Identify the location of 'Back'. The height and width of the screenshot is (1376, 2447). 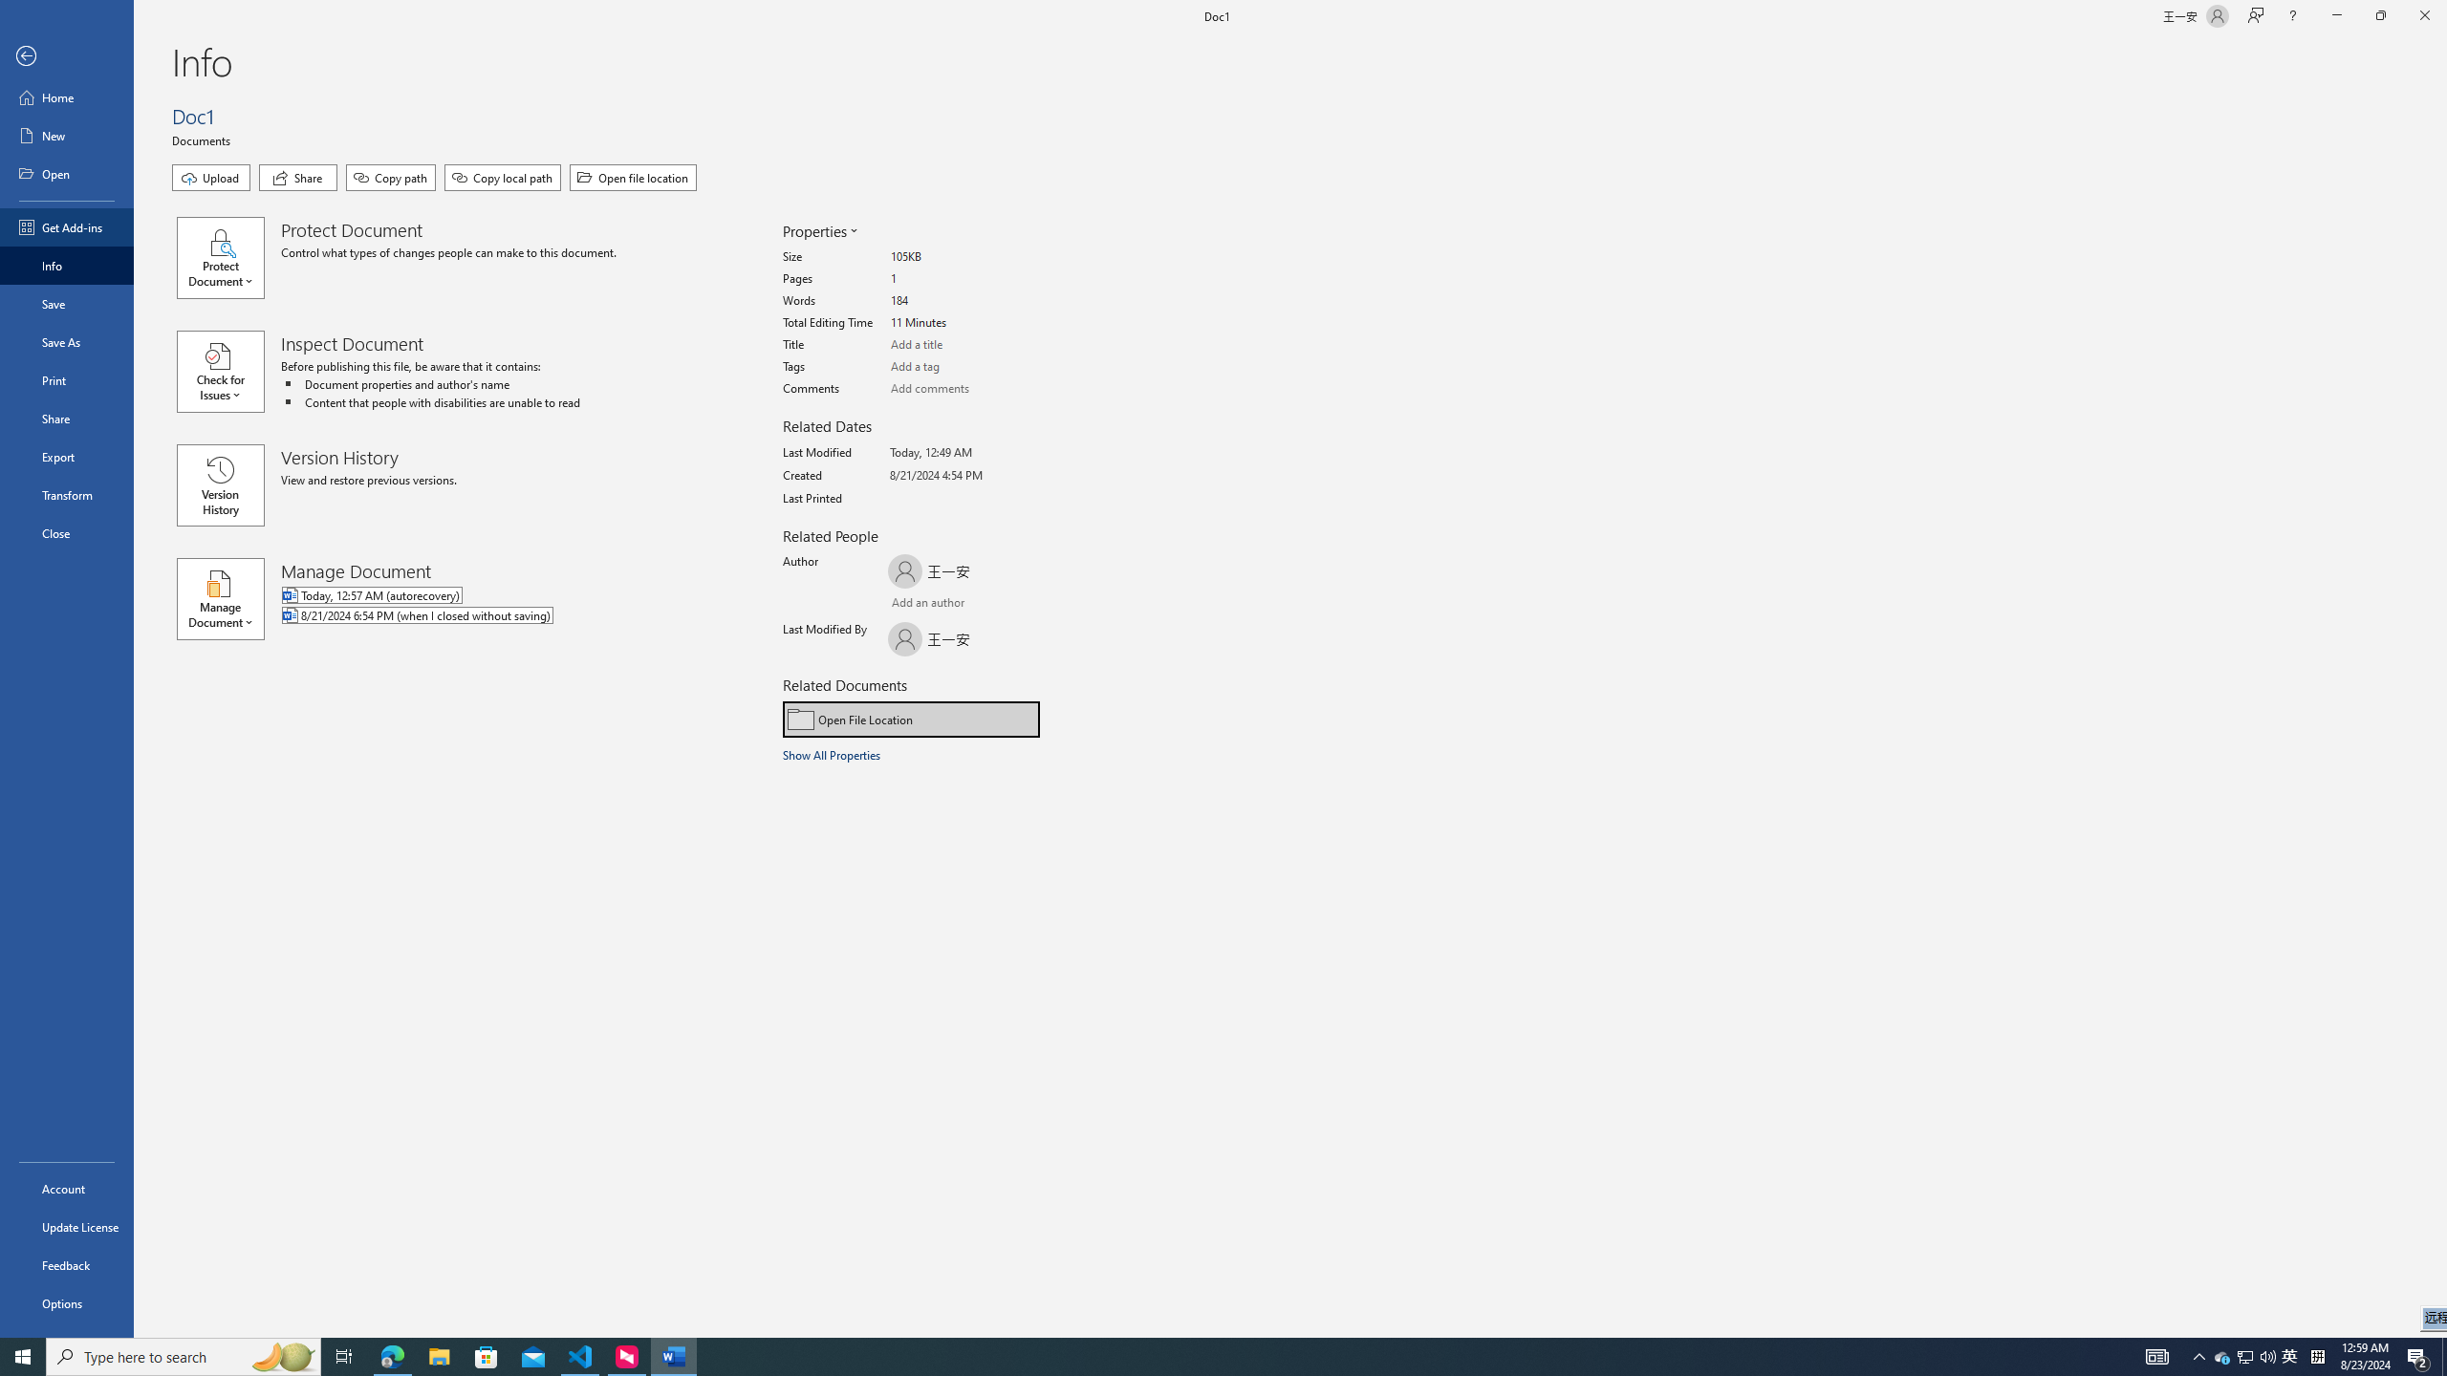
(66, 55).